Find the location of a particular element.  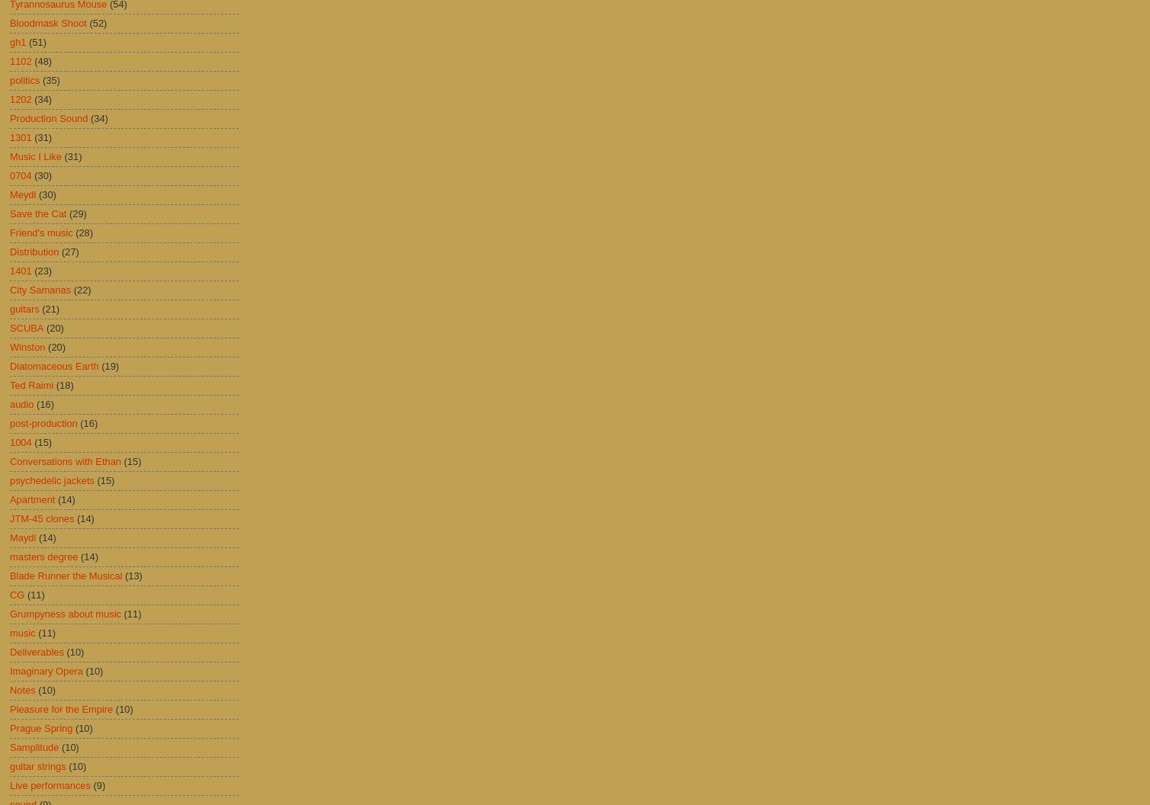

'1004' is located at coordinates (20, 442).